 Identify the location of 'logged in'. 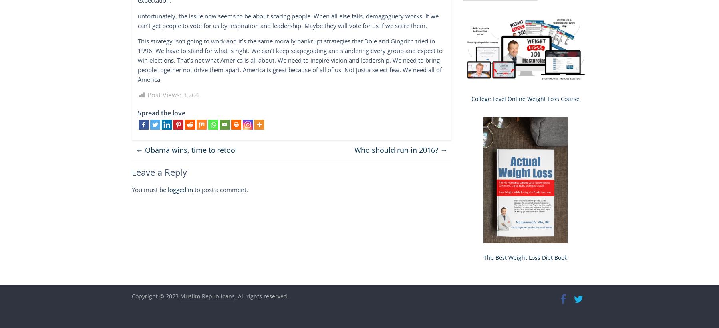
(180, 189).